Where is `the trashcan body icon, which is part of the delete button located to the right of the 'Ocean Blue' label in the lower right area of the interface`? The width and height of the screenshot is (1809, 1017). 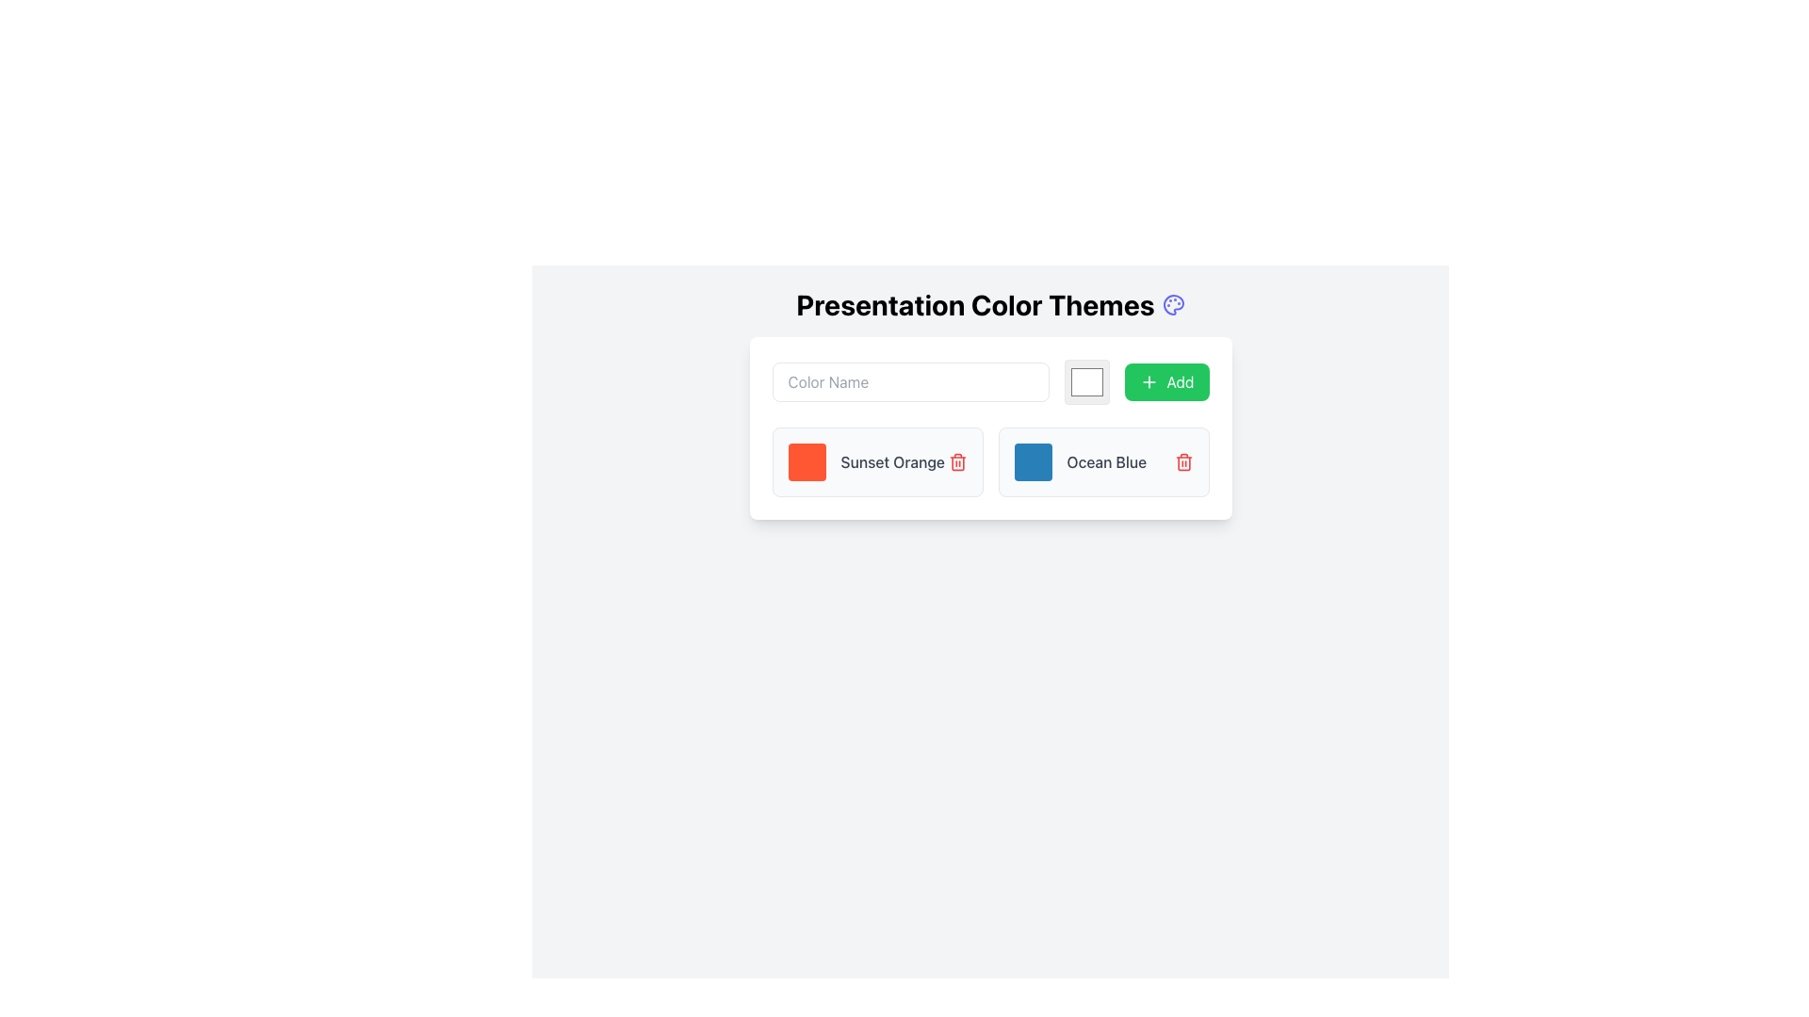
the trashcan body icon, which is part of the delete button located to the right of the 'Ocean Blue' label in the lower right area of the interface is located at coordinates (1182, 463).